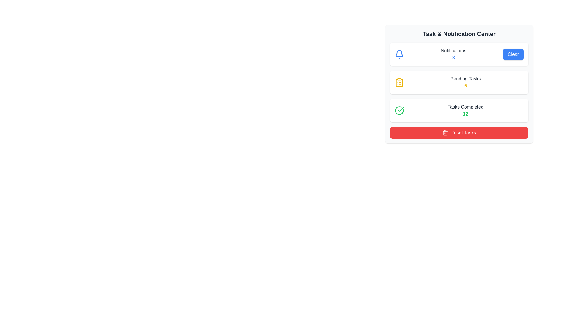 This screenshot has width=561, height=316. I want to click on the 'Reset Tasks' button which contains the icon on the left side, located at the bottom of the task panel, so click(445, 133).